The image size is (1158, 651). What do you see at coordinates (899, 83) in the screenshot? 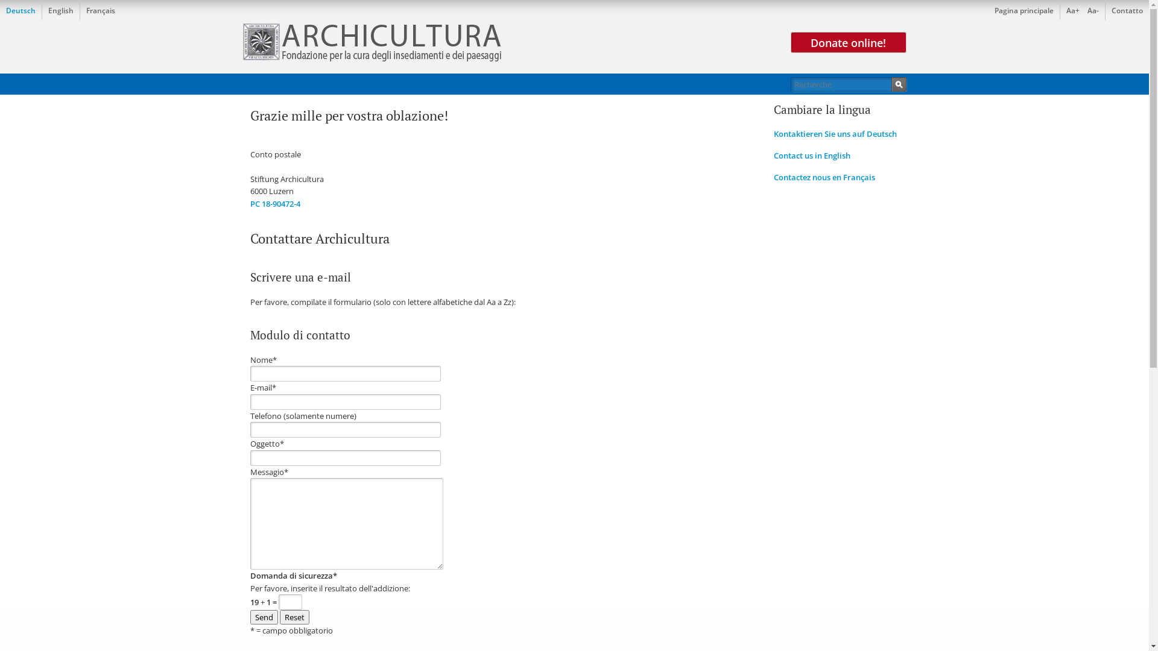
I see `'Recherche'` at bounding box center [899, 83].